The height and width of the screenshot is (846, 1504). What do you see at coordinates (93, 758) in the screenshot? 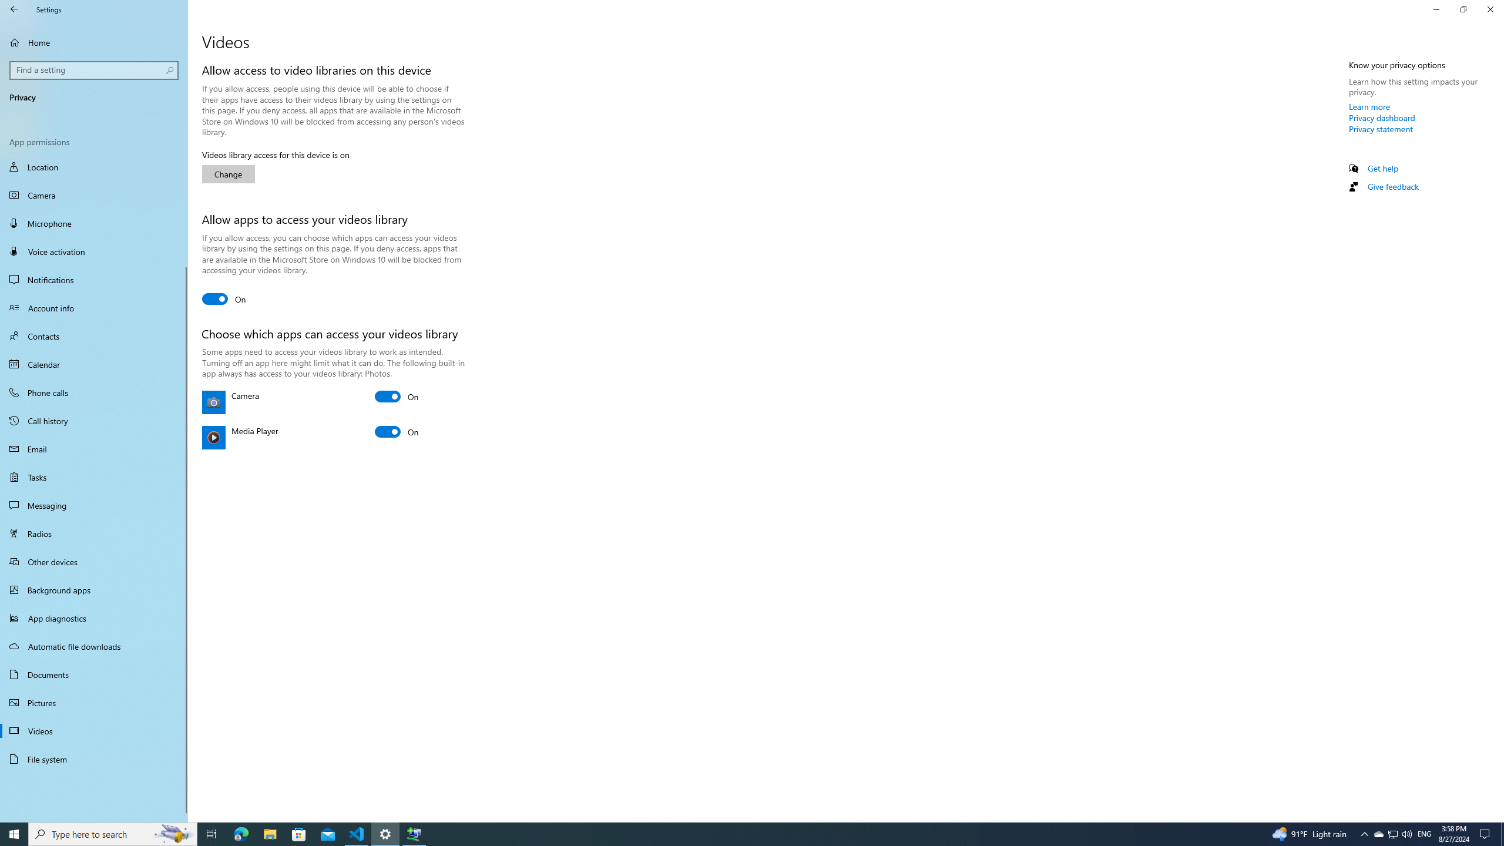
I see `'File system'` at bounding box center [93, 758].